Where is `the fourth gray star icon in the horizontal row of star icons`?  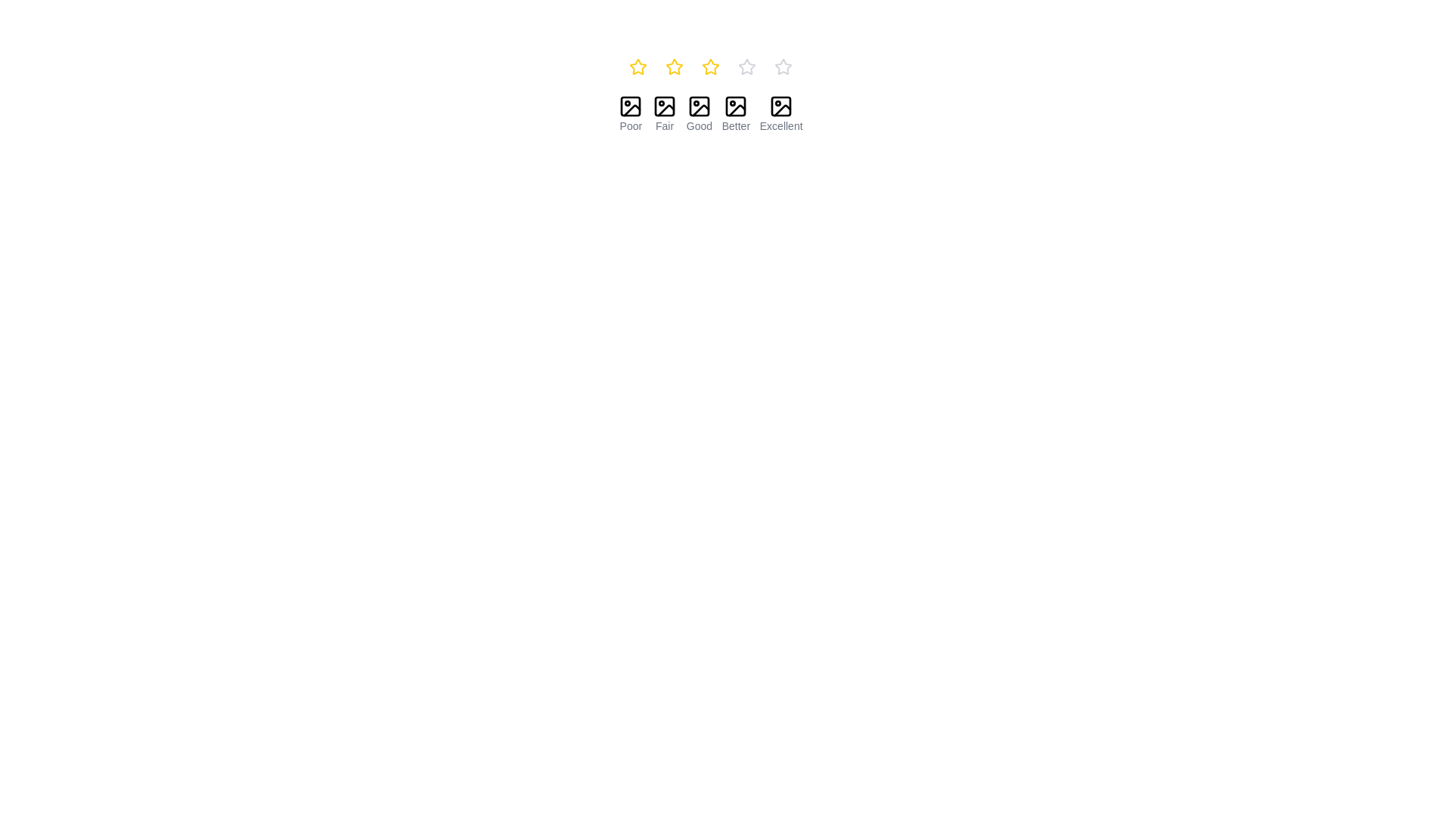 the fourth gray star icon in the horizontal row of star icons is located at coordinates (747, 66).